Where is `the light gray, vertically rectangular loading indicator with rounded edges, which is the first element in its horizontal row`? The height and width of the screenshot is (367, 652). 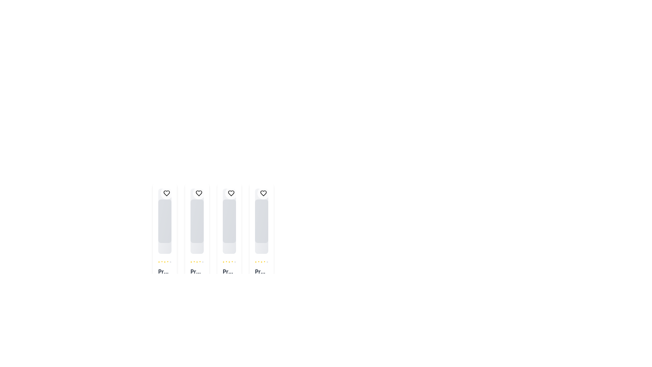 the light gray, vertically rectangular loading indicator with rounded edges, which is the first element in its horizontal row is located at coordinates (165, 221).